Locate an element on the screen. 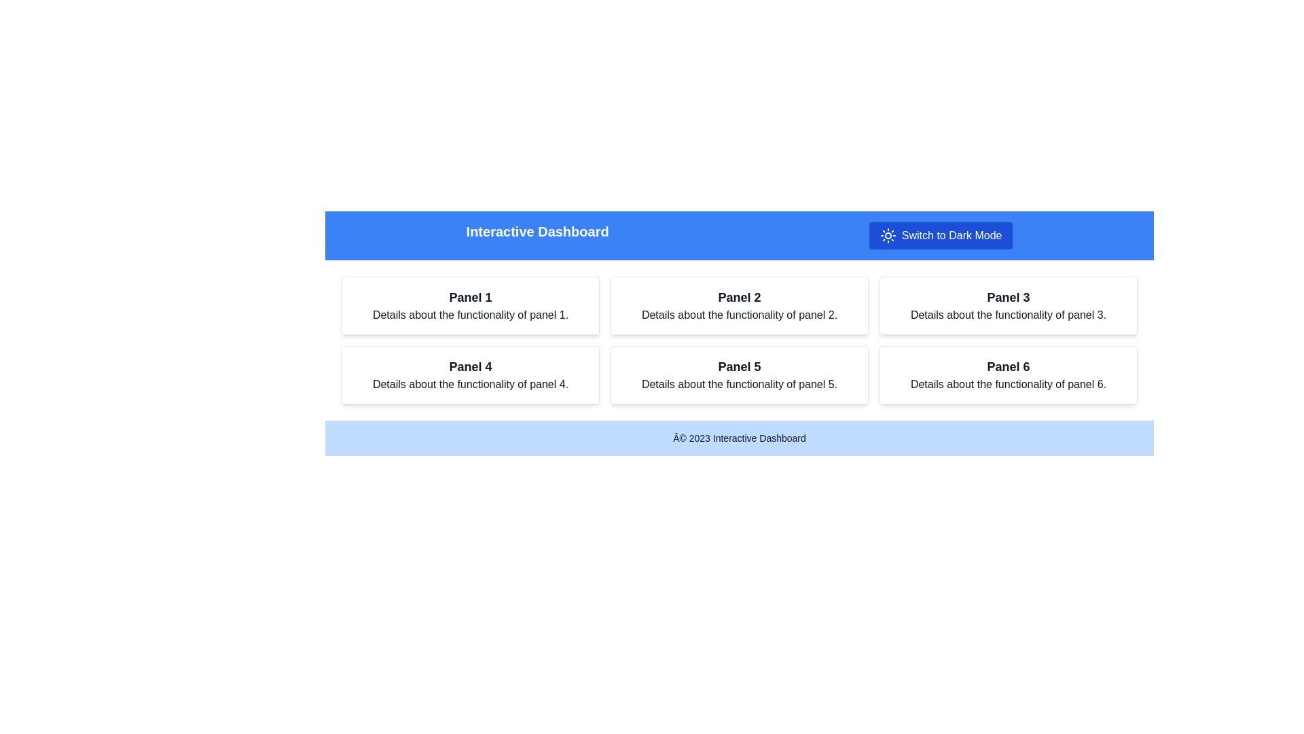 The height and width of the screenshot is (734, 1304). the static text label displaying 'Panel 4', which is styled with an enlarged, bold font and serves as the title within its panel is located at coordinates (470, 367).